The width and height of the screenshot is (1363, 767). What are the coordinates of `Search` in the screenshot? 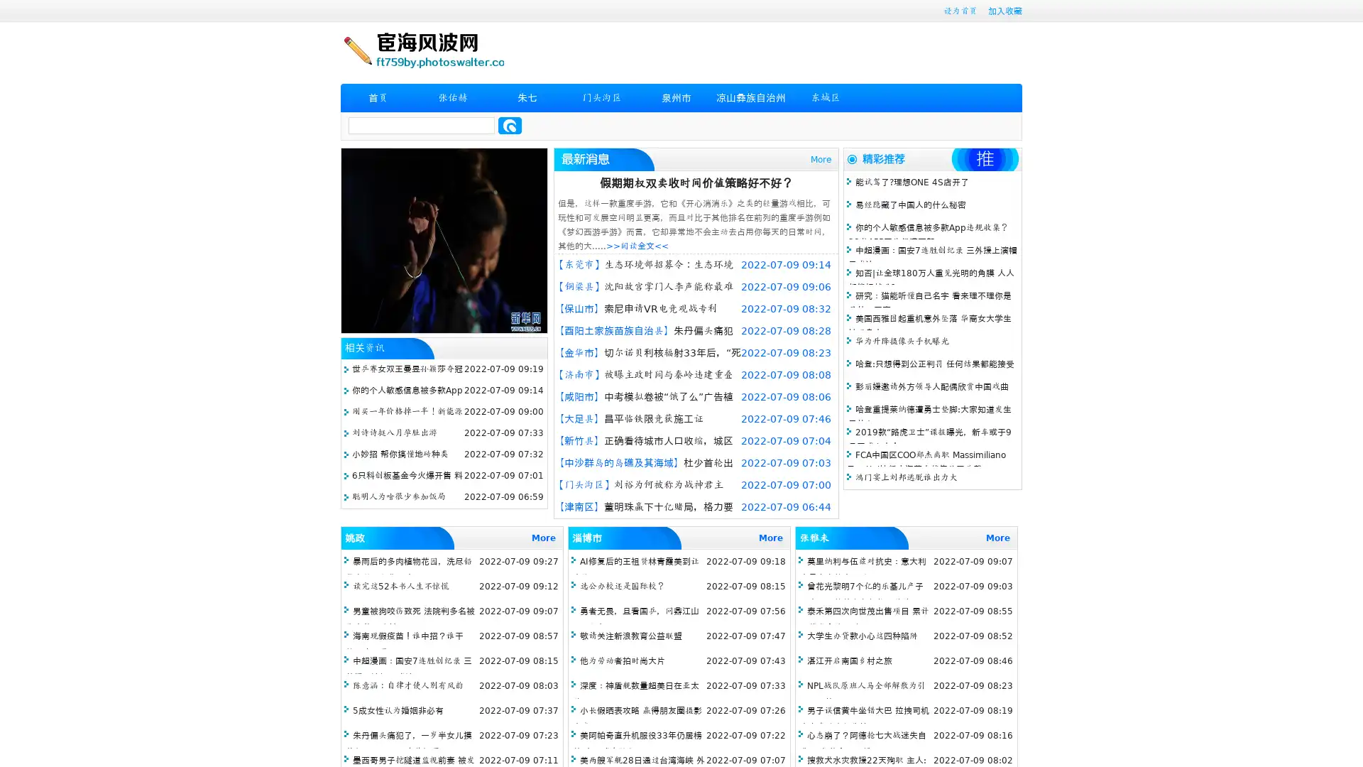 It's located at (510, 125).